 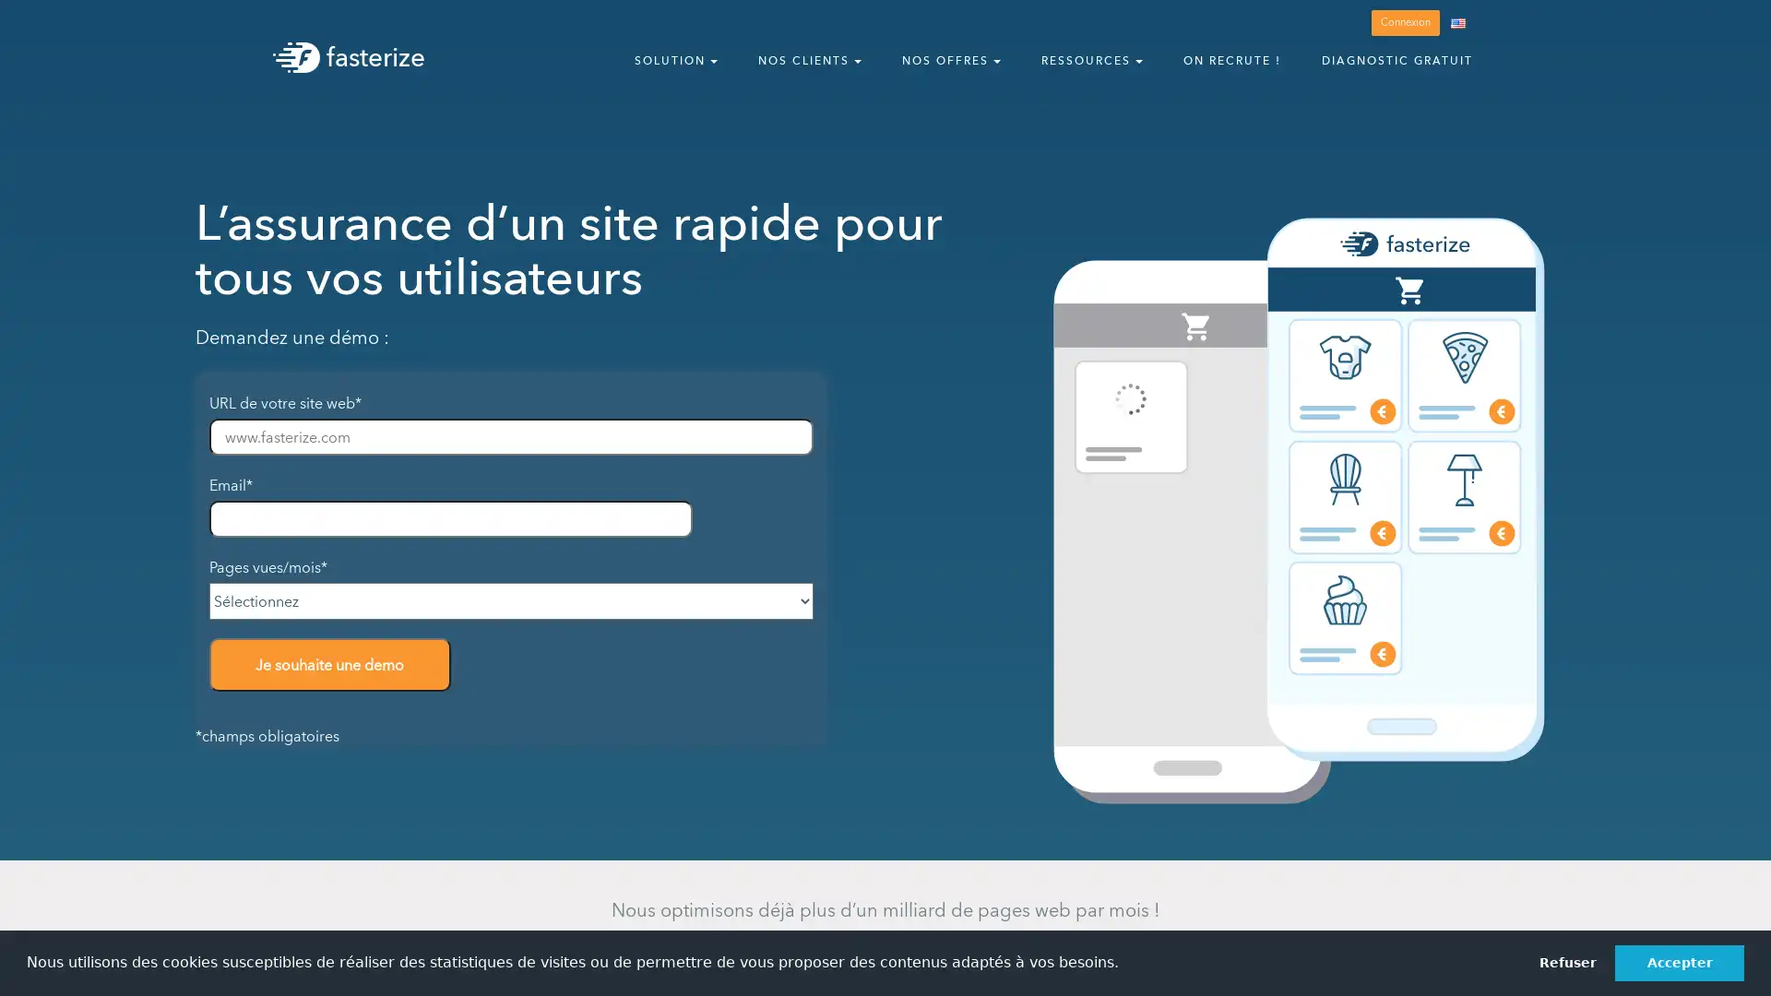 I want to click on Je souhaite une demo, so click(x=329, y=664).